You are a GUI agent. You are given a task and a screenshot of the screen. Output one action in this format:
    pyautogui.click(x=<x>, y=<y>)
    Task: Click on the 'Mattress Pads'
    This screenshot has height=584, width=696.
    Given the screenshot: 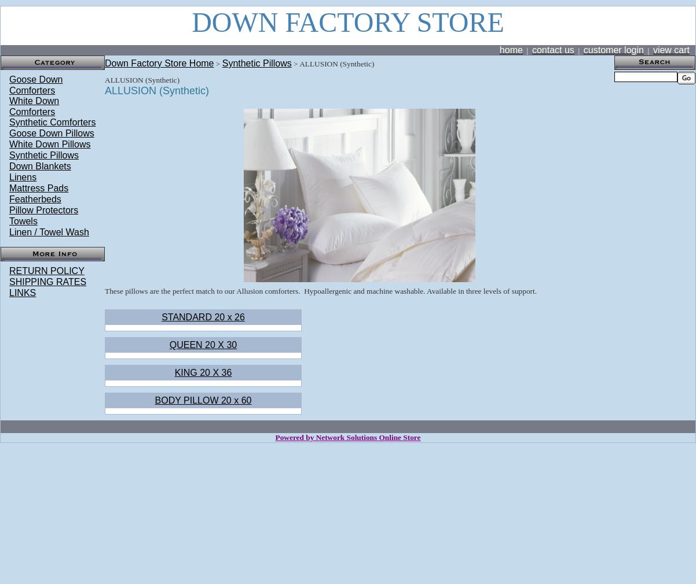 What is the action you would take?
    pyautogui.click(x=38, y=188)
    